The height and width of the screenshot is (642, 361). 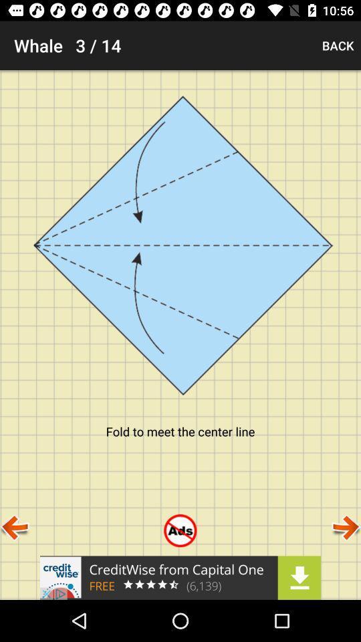 I want to click on advertisement, so click(x=180, y=577).